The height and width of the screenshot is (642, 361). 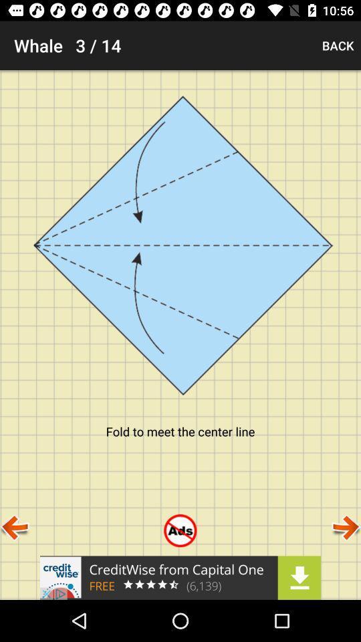 I want to click on advertisement, so click(x=180, y=577).